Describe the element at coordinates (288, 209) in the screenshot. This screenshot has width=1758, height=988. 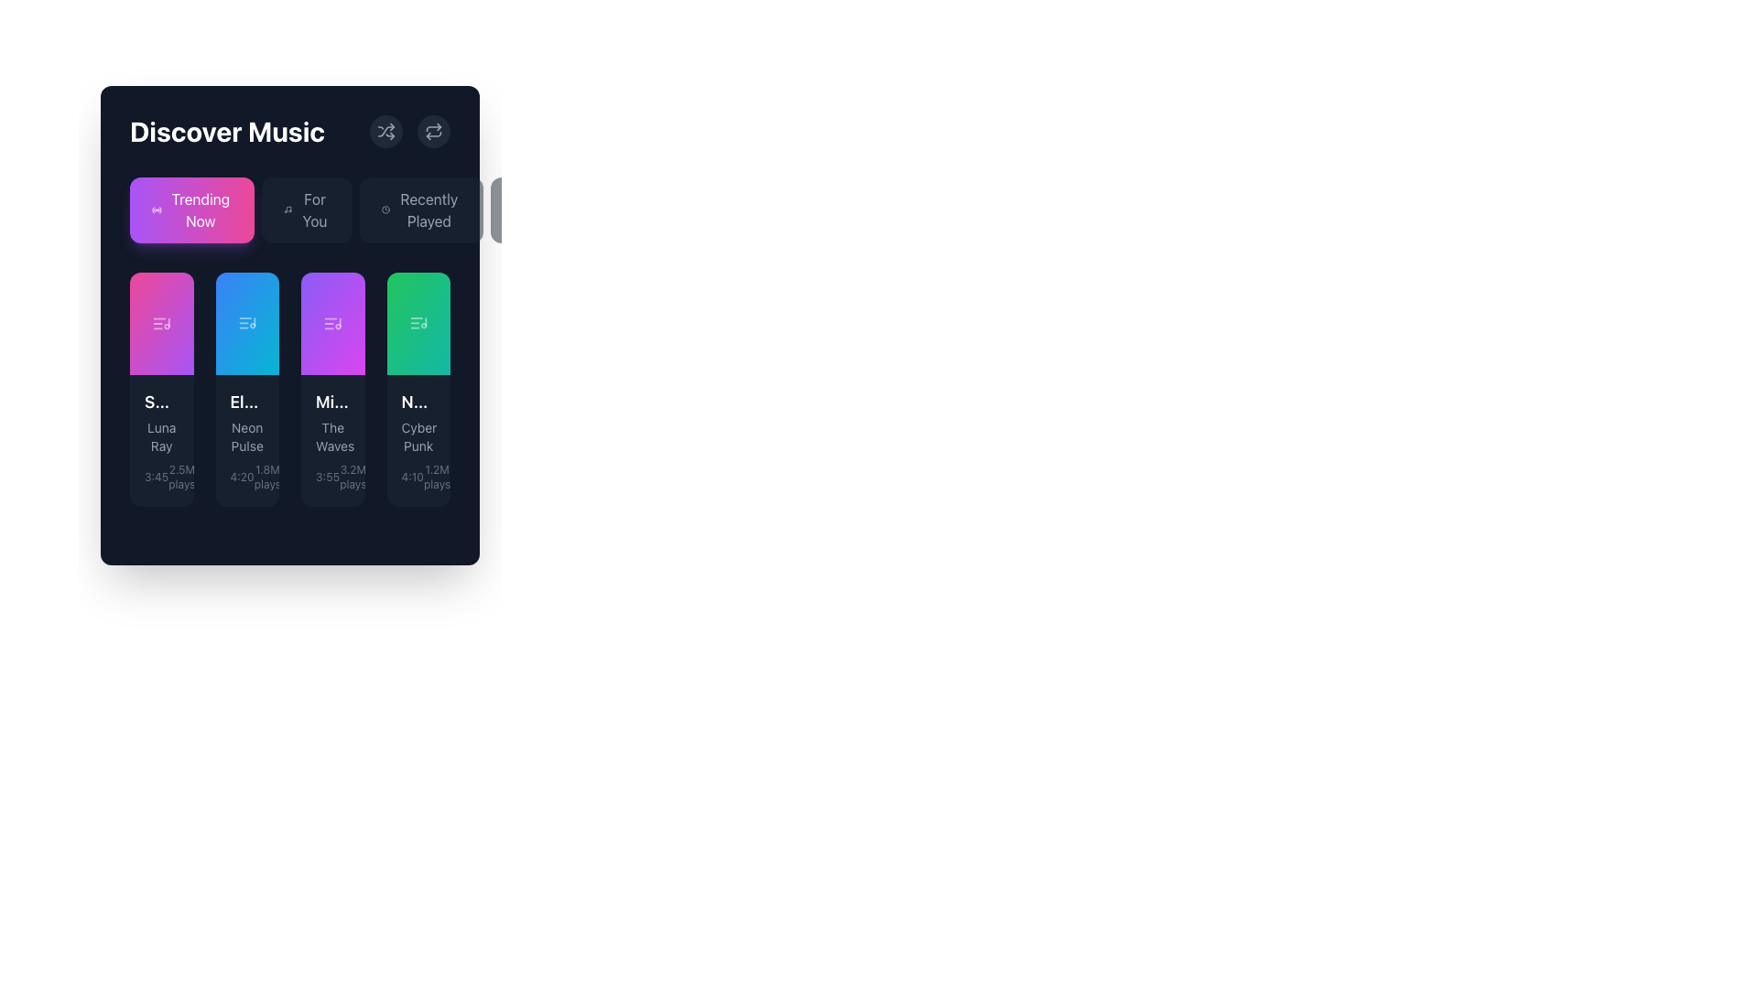
I see `the tab bar containing the buttons labeled 'Trending Now', 'For You', 'Recently Played', and 'Podcasts'` at that location.